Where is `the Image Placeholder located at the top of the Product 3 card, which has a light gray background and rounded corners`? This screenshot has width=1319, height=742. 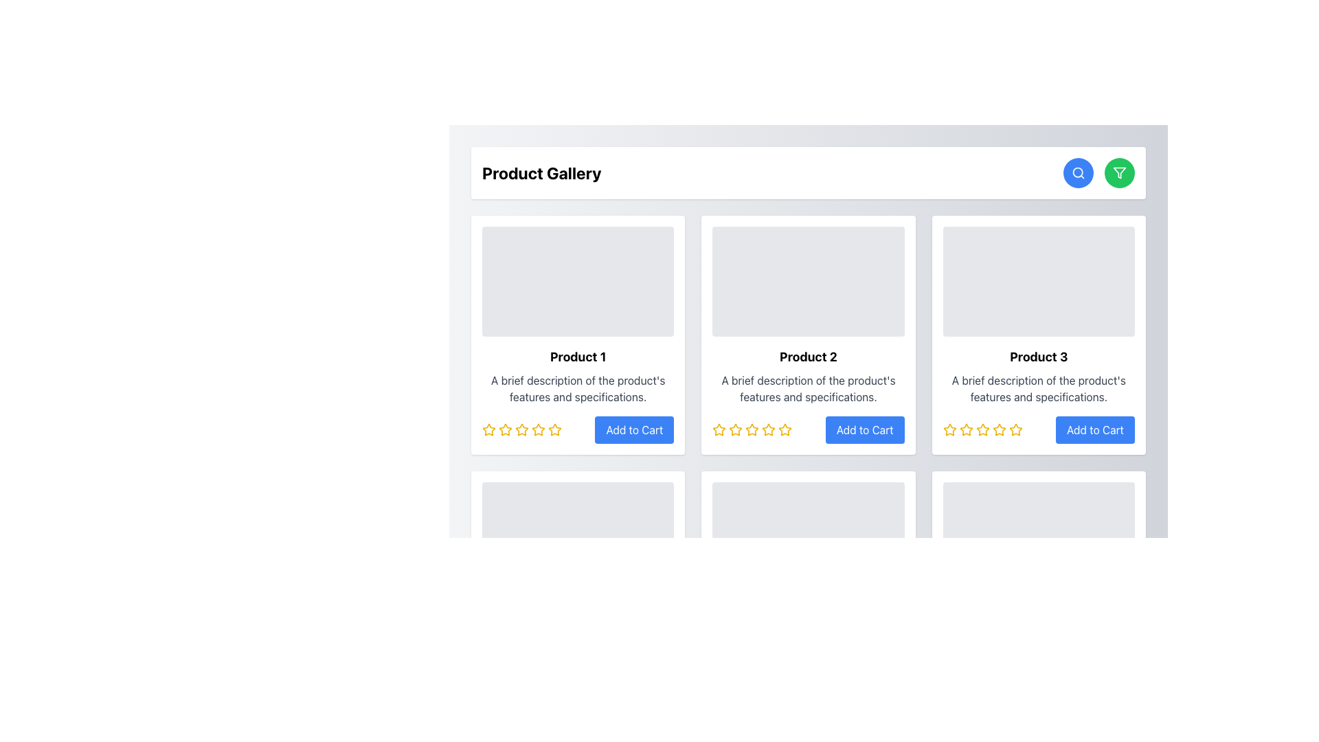
the Image Placeholder located at the top of the Product 3 card, which has a light gray background and rounded corners is located at coordinates (1039, 280).